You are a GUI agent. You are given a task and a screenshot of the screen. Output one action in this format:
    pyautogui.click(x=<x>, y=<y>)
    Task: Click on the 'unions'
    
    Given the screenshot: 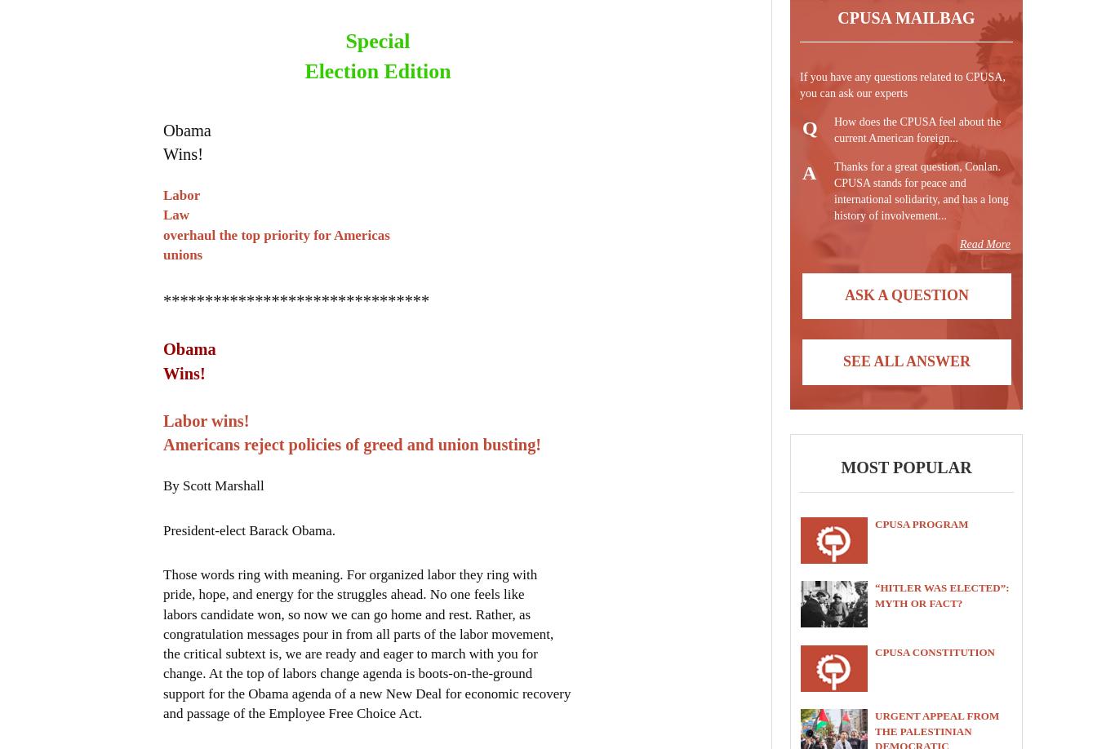 What is the action you would take?
    pyautogui.click(x=182, y=254)
    